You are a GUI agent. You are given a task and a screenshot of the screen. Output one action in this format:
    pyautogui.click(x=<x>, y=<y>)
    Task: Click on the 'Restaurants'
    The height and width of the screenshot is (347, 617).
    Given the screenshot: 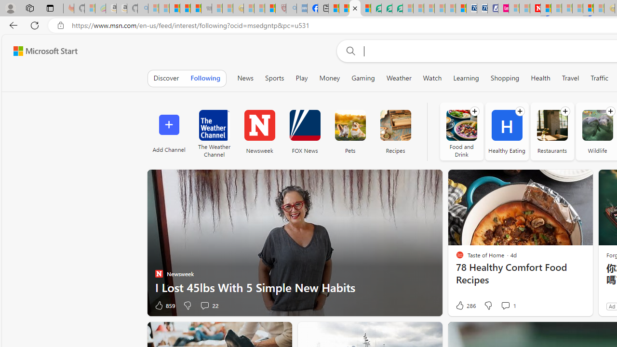 What is the action you would take?
    pyautogui.click(x=552, y=125)
    